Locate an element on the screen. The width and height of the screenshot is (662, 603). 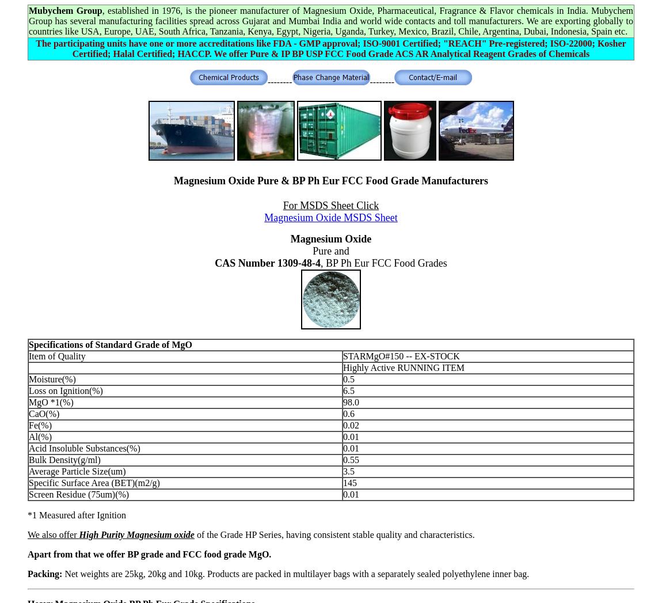
'Pure and' is located at coordinates (330, 251).